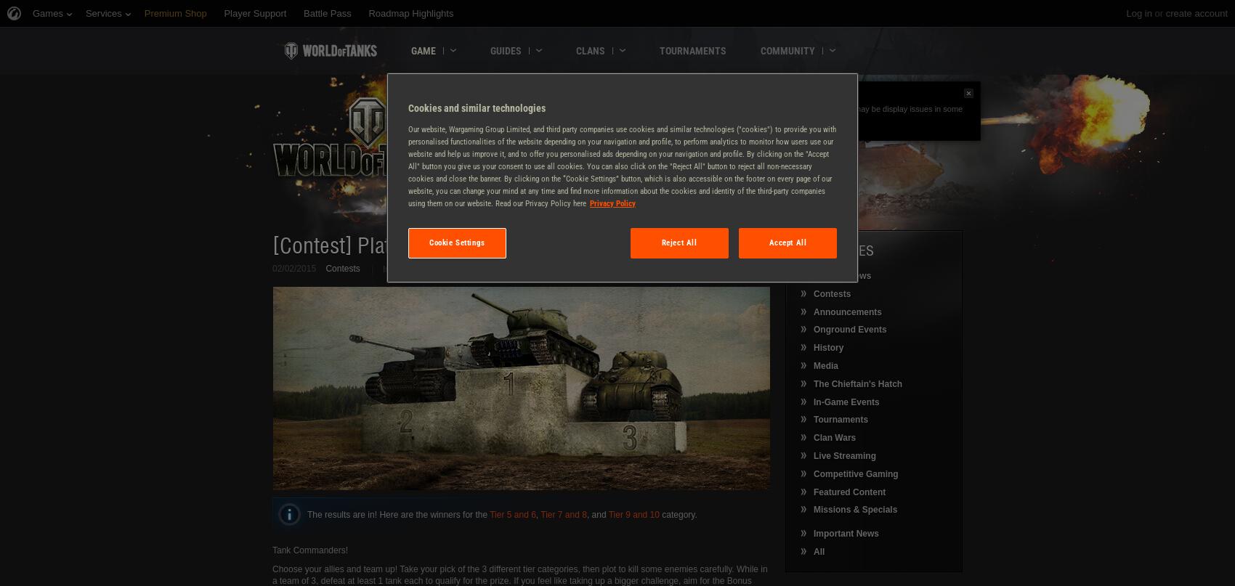  Describe the element at coordinates (844, 455) in the screenshot. I see `'Live Streaming'` at that location.